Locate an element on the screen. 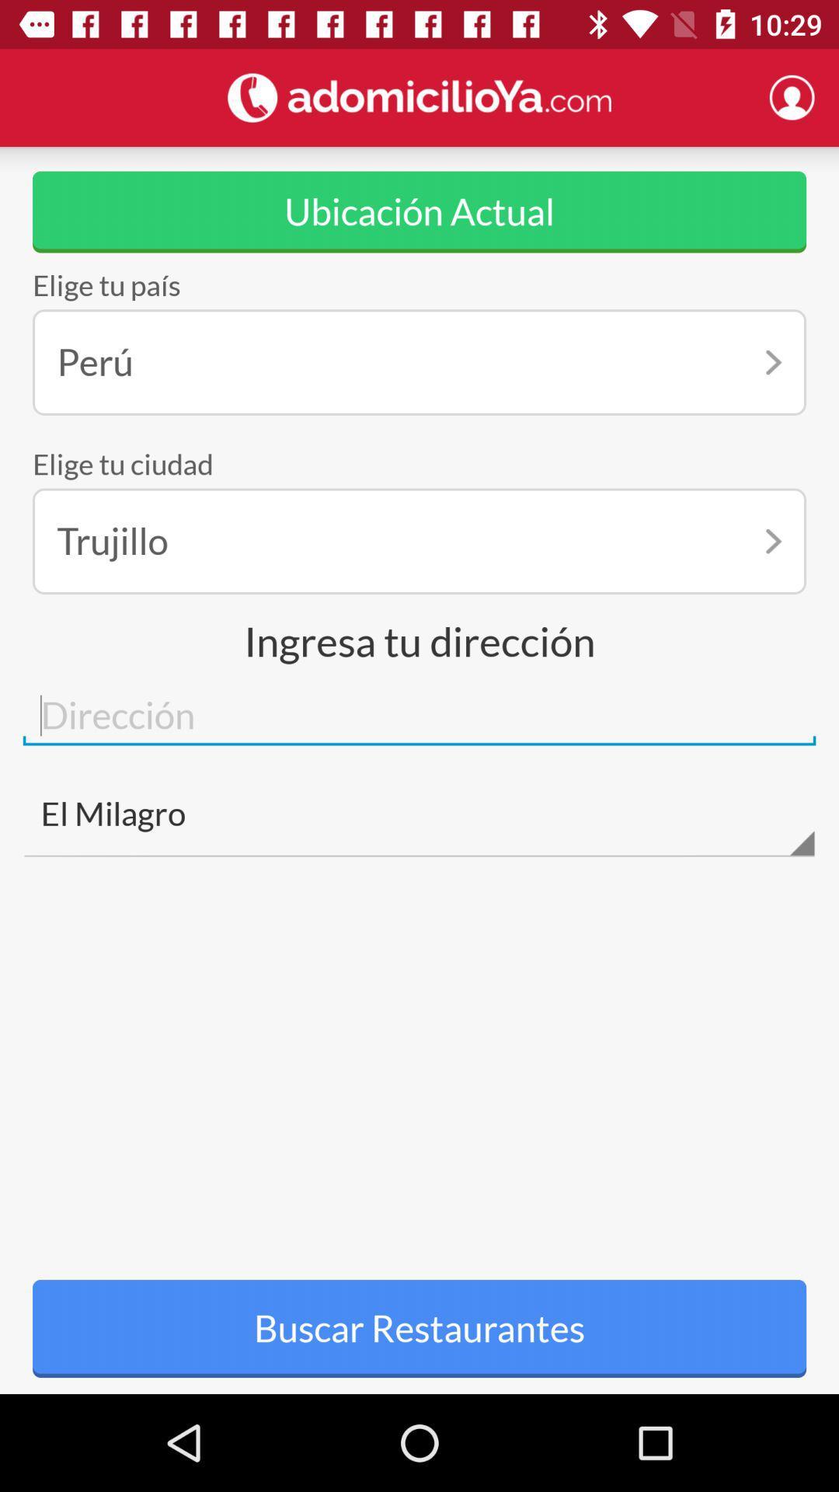 The height and width of the screenshot is (1492, 839). profile is located at coordinates (792, 96).